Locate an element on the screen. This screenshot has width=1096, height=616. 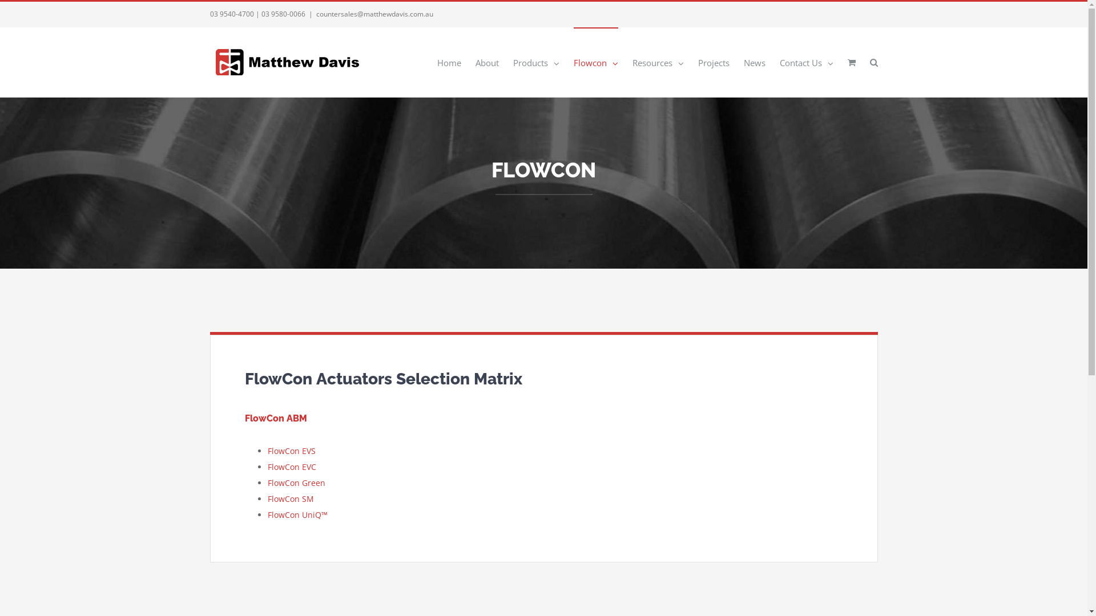
'FlowCon SM' is located at coordinates (290, 498).